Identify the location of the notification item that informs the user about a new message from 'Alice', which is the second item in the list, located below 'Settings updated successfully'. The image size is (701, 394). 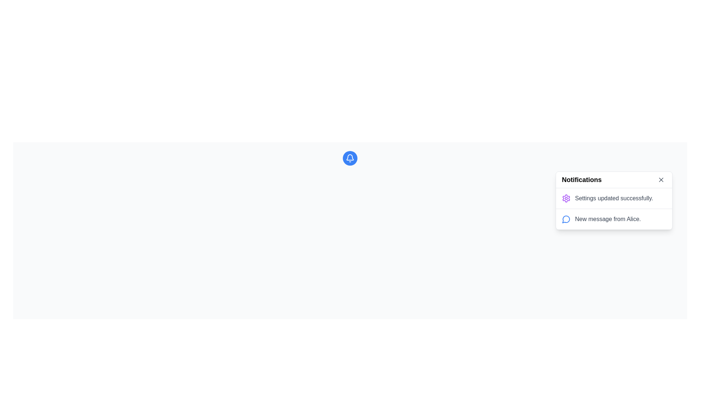
(613, 219).